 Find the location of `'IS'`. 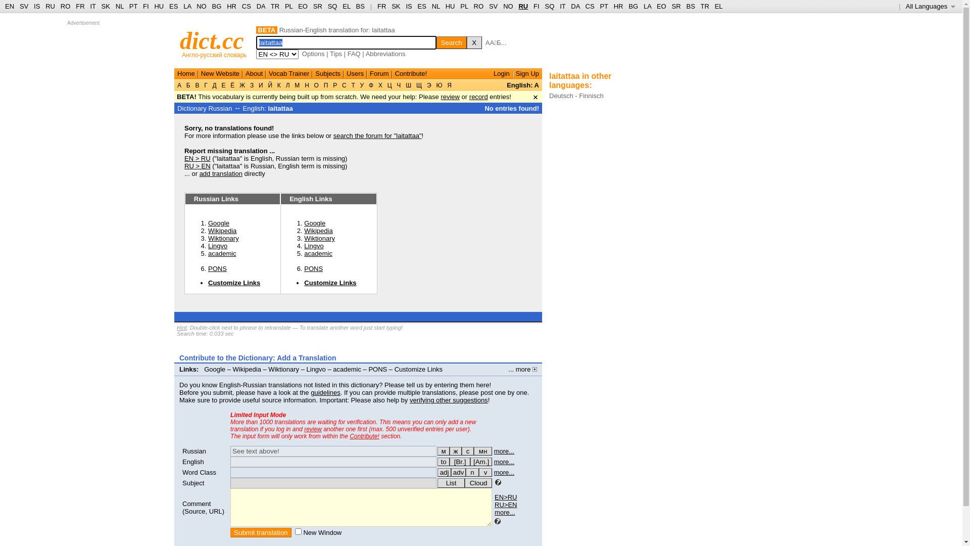

'IS' is located at coordinates (36, 6).